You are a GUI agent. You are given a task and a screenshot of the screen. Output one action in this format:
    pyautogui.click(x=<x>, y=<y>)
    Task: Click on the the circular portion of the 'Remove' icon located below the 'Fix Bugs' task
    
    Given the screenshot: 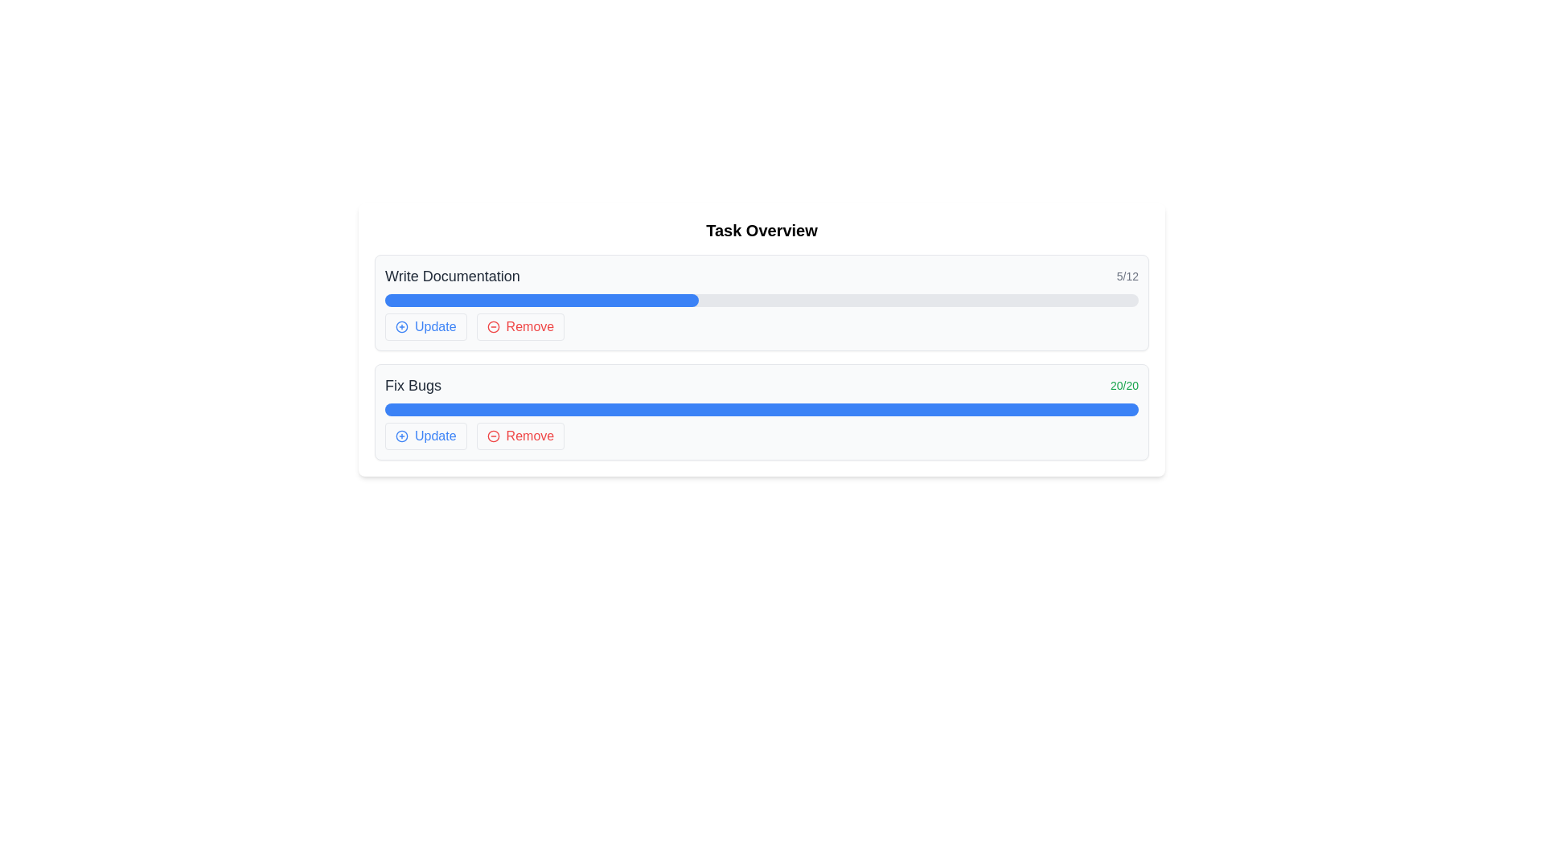 What is the action you would take?
    pyautogui.click(x=492, y=436)
    